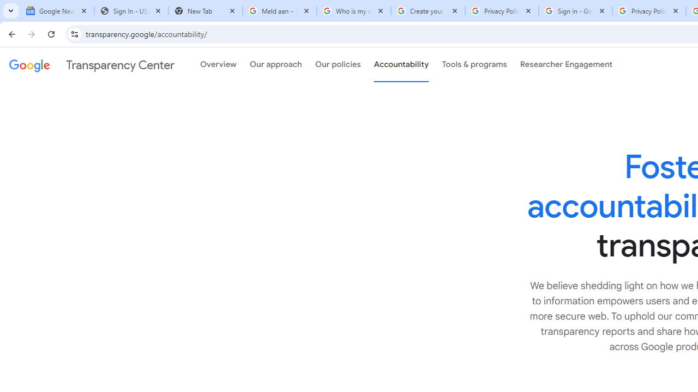 The image size is (698, 392). What do you see at coordinates (575, 11) in the screenshot?
I see `'Sign in - Google Accounts'` at bounding box center [575, 11].